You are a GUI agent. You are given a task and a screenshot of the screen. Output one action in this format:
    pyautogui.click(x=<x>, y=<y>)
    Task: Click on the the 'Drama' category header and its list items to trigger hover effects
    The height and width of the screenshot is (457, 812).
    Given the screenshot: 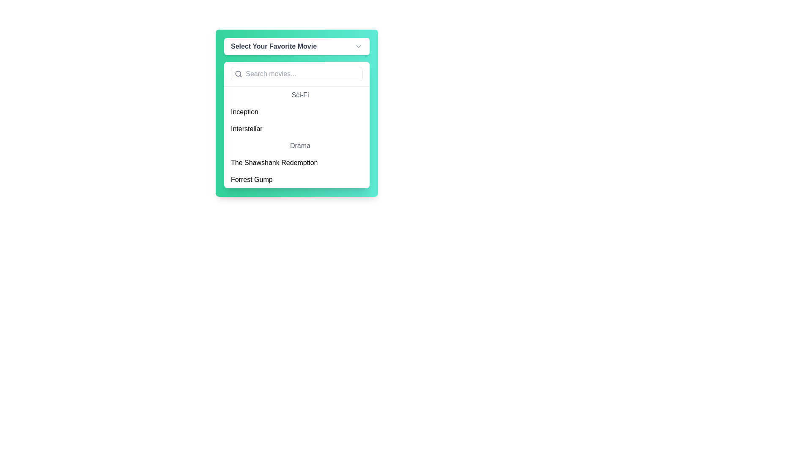 What is the action you would take?
    pyautogui.click(x=296, y=163)
    